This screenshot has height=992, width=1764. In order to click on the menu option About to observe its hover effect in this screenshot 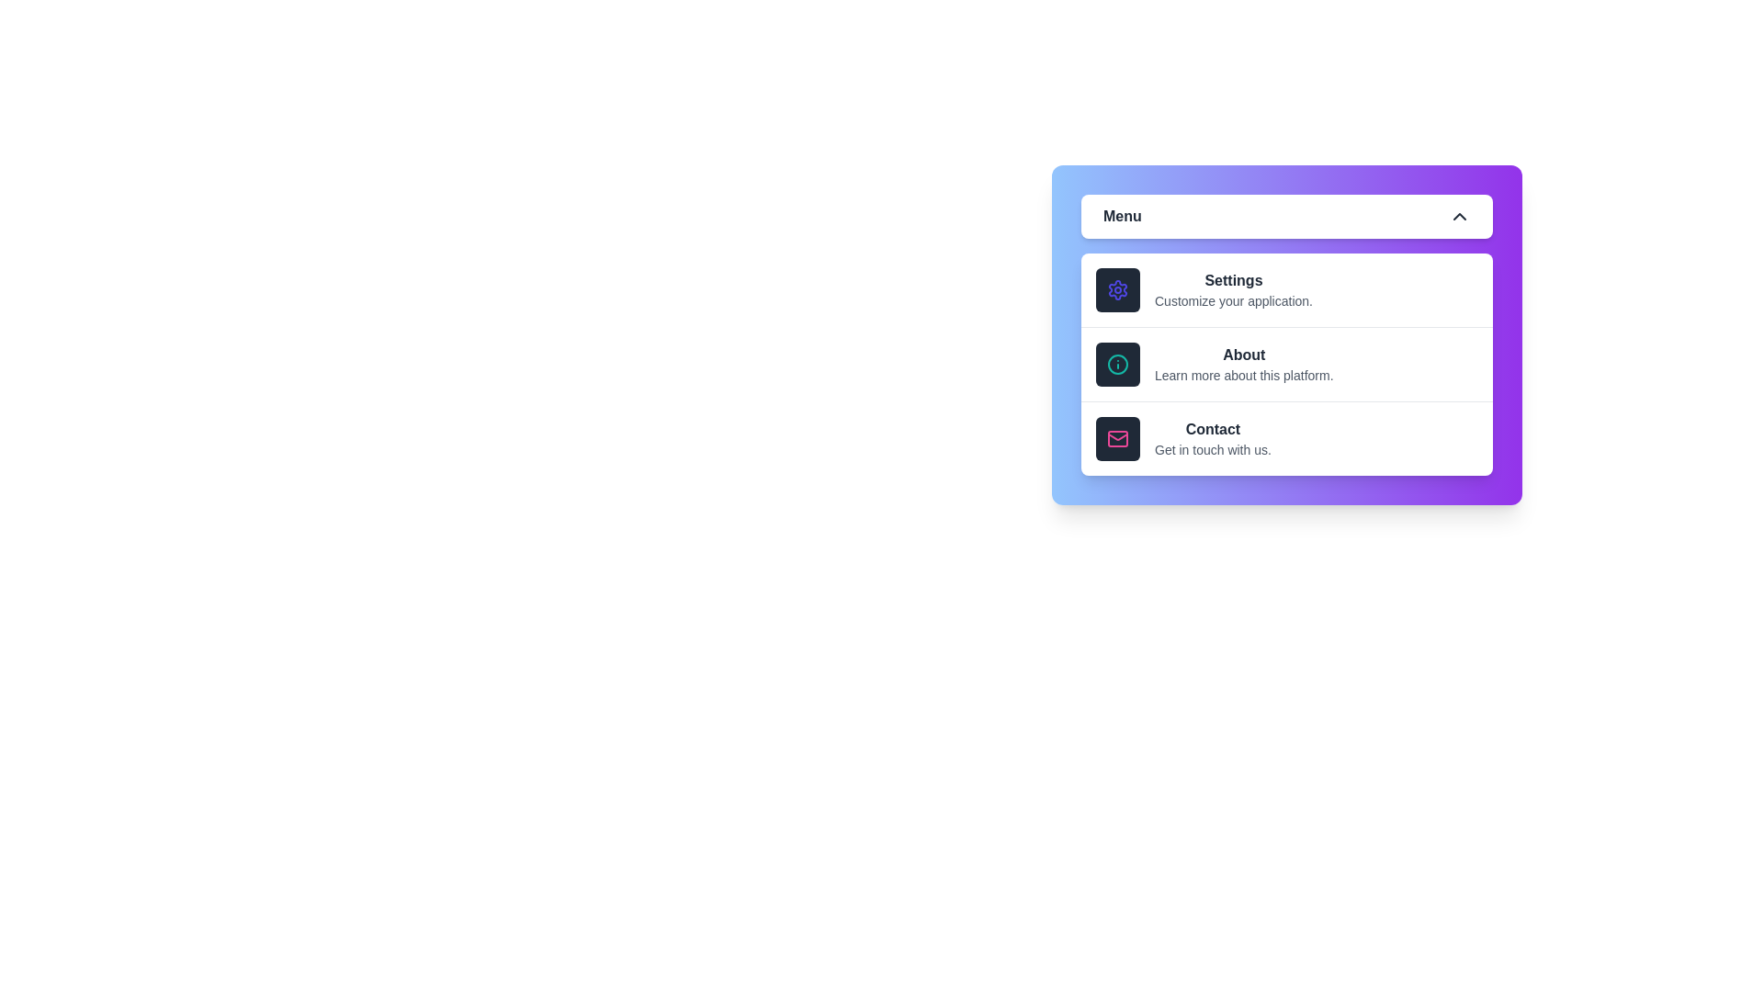, I will do `click(1286, 364)`.